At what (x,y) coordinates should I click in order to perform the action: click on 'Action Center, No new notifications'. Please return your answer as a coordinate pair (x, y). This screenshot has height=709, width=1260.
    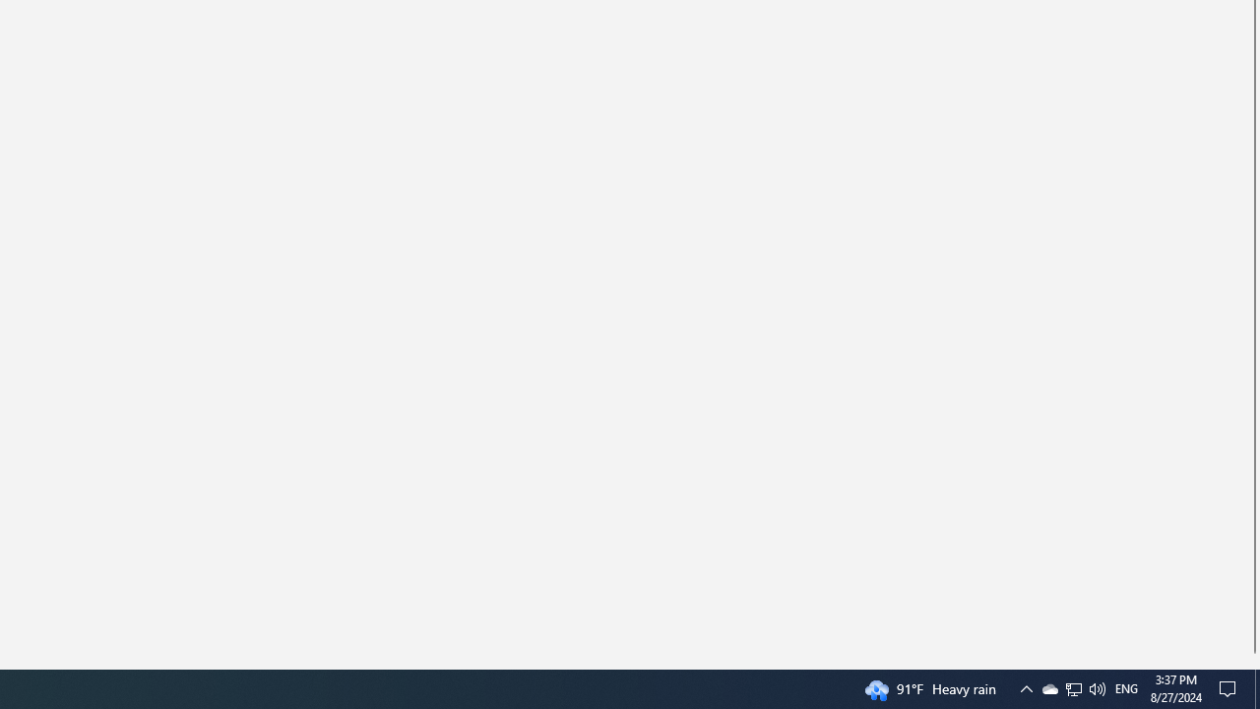
    Looking at the image, I should click on (1251, 662).